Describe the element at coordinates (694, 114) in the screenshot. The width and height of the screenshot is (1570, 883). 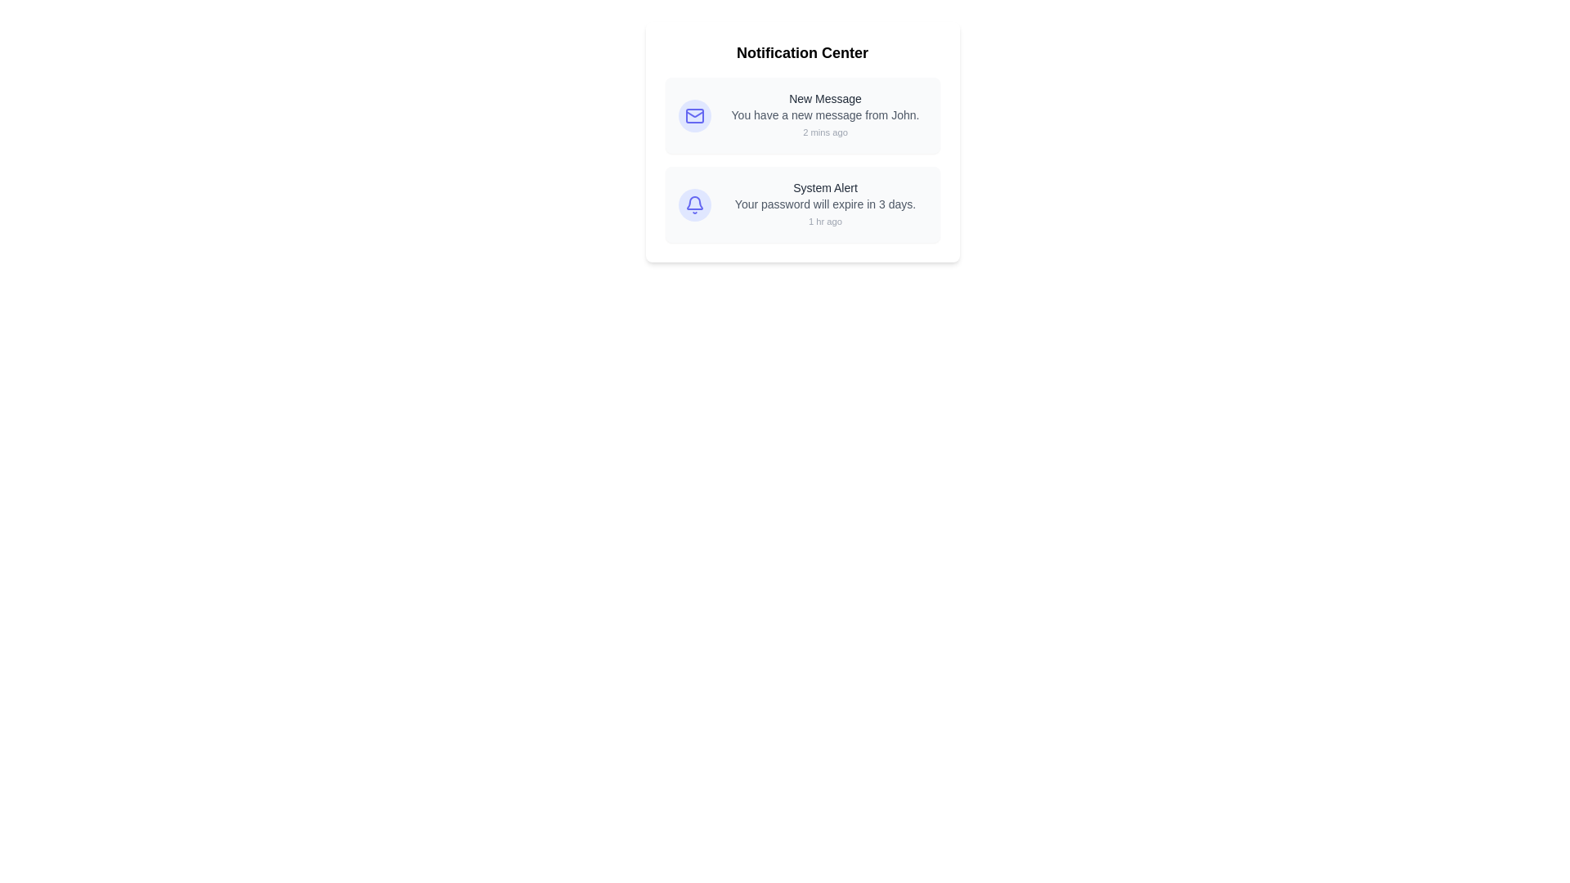
I see `the notification icon that indicates a new email or message notification, located in the top notification card, near the text 'New Message'` at that location.